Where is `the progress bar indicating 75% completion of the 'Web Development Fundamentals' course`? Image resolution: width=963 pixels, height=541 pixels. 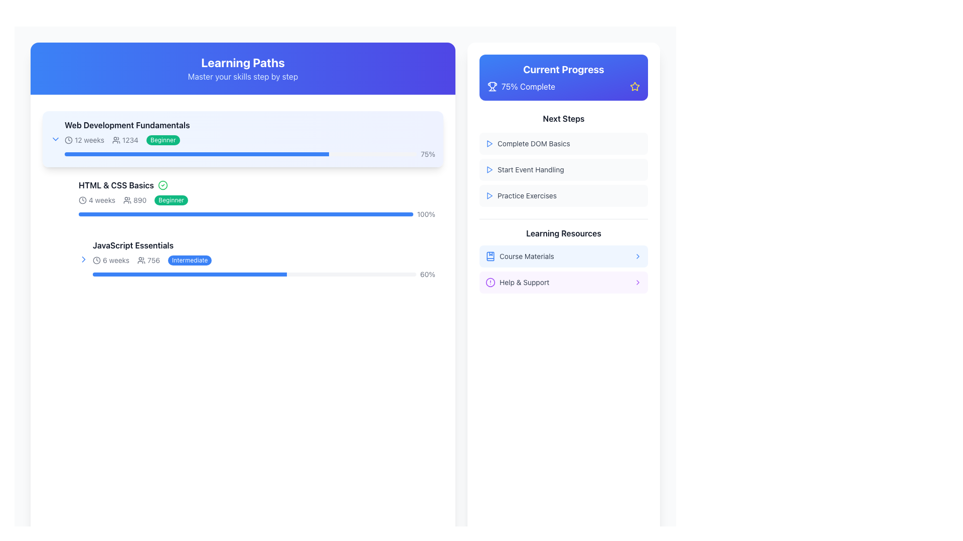
the progress bar indicating 75% completion of the 'Web Development Fundamentals' course is located at coordinates (241, 154).